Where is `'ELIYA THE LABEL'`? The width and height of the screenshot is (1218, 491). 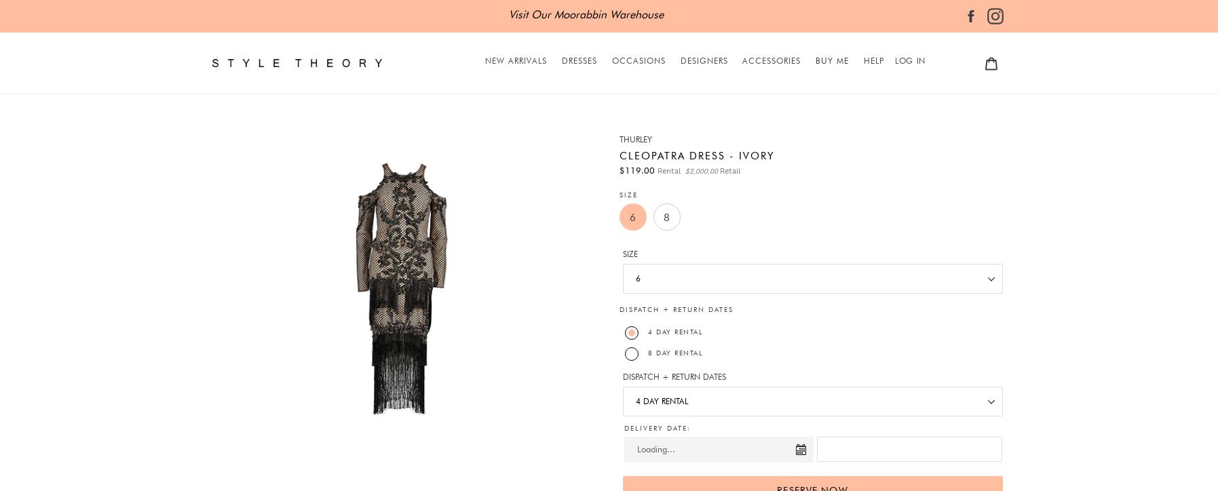 'ELIYA THE LABEL' is located at coordinates (712, 158).